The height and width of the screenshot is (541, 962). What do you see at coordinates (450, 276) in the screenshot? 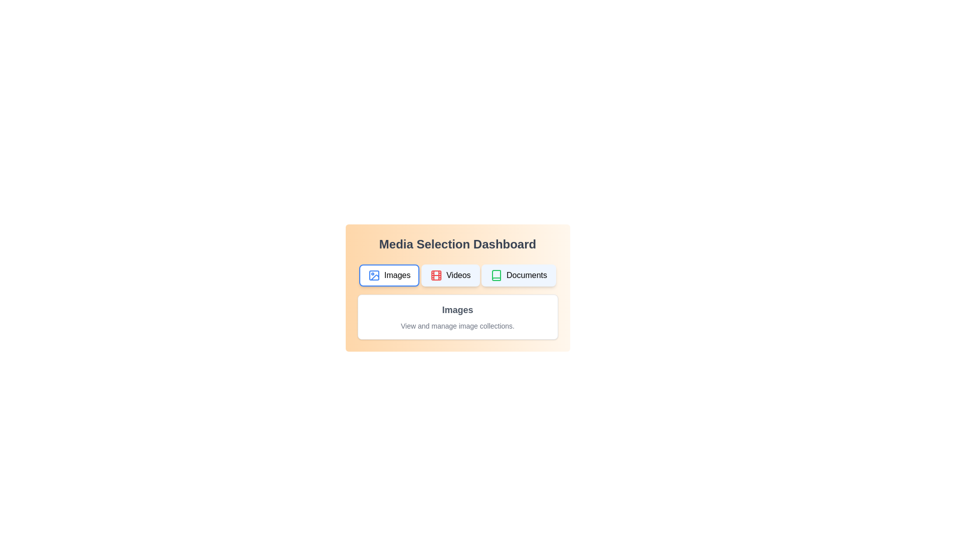
I see `the button that allows users to navigate to or interact with video-related content, positioned between the 'Images' and 'Documents' buttons, by` at bounding box center [450, 276].